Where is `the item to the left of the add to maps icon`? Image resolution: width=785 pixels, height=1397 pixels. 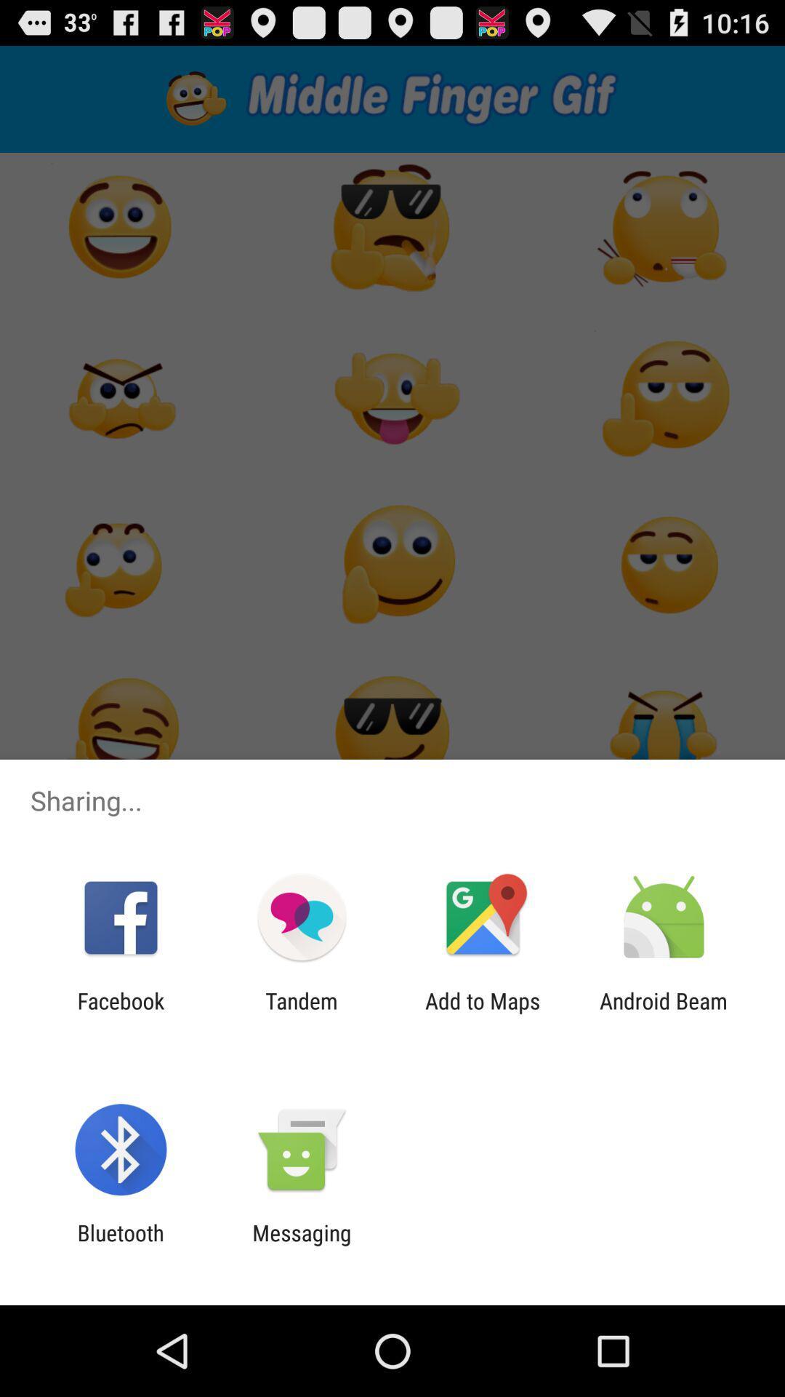 the item to the left of the add to maps icon is located at coordinates (301, 1013).